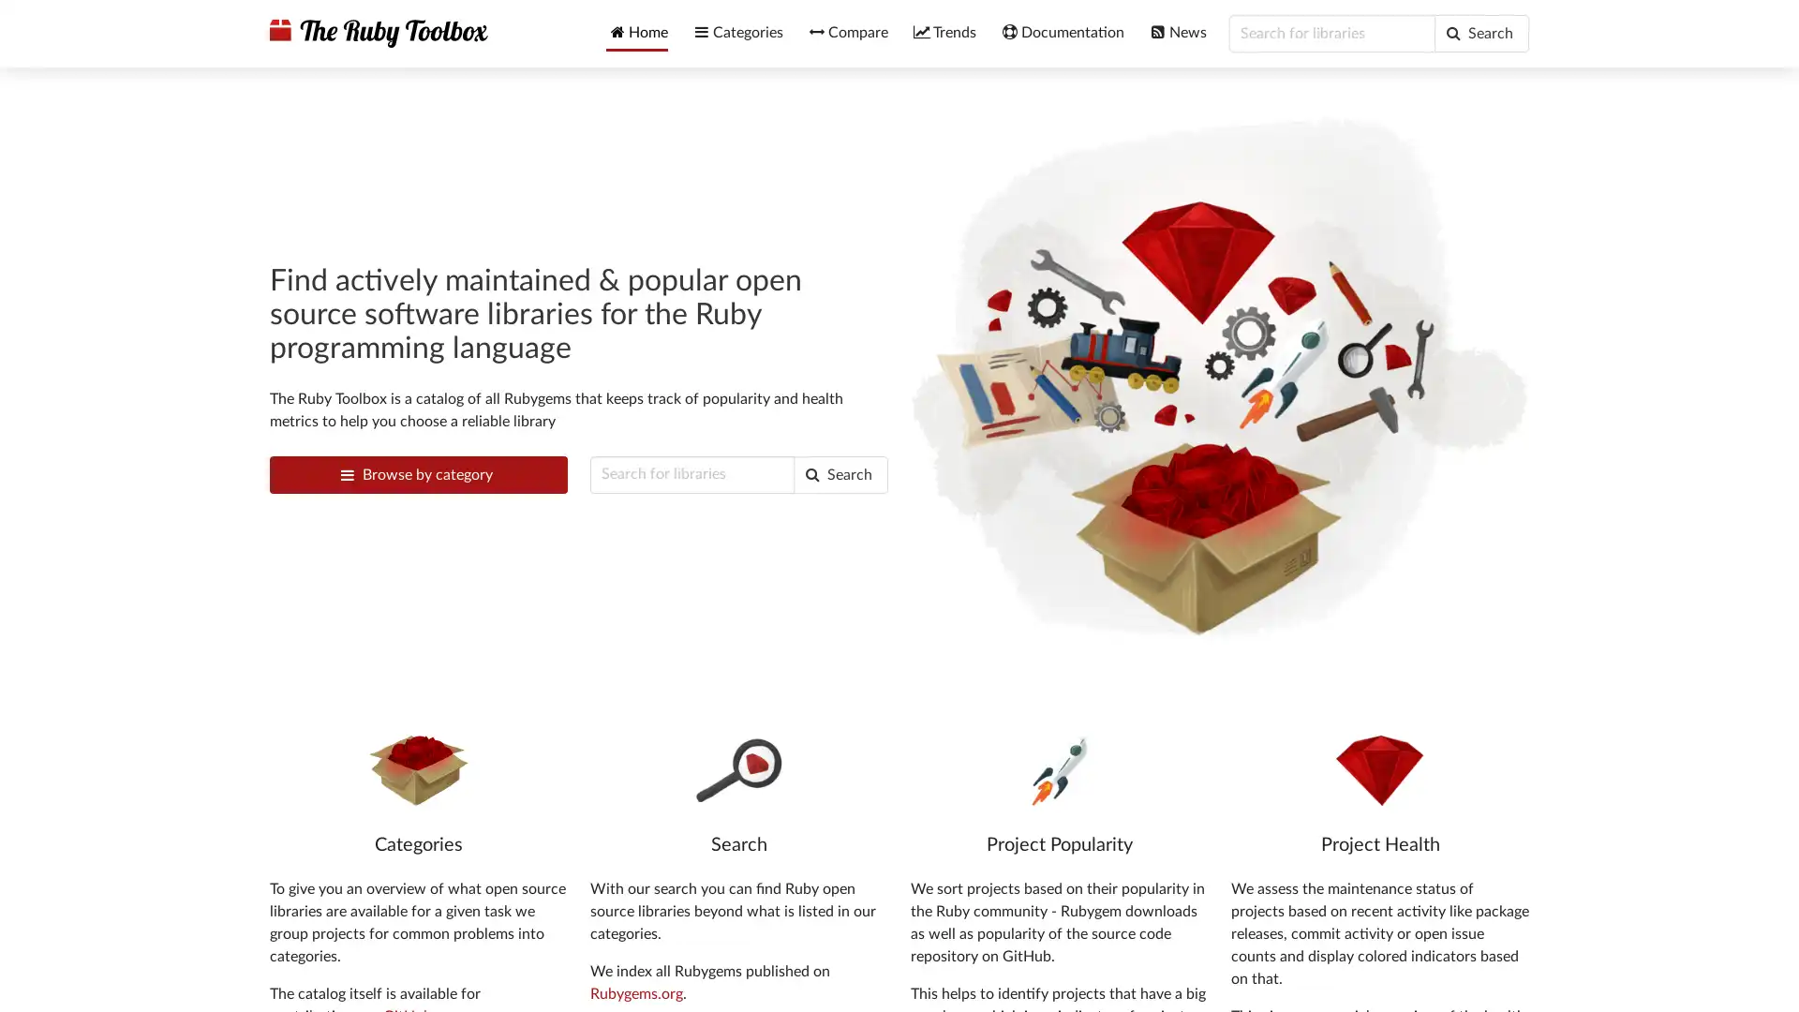  Describe the element at coordinates (840, 472) in the screenshot. I see `Search` at that location.